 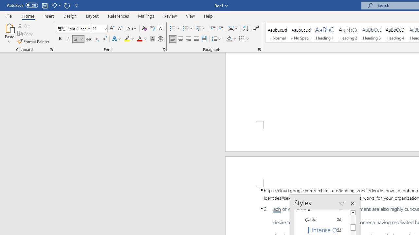 What do you see at coordinates (24, 25) in the screenshot?
I see `'Cut'` at bounding box center [24, 25].